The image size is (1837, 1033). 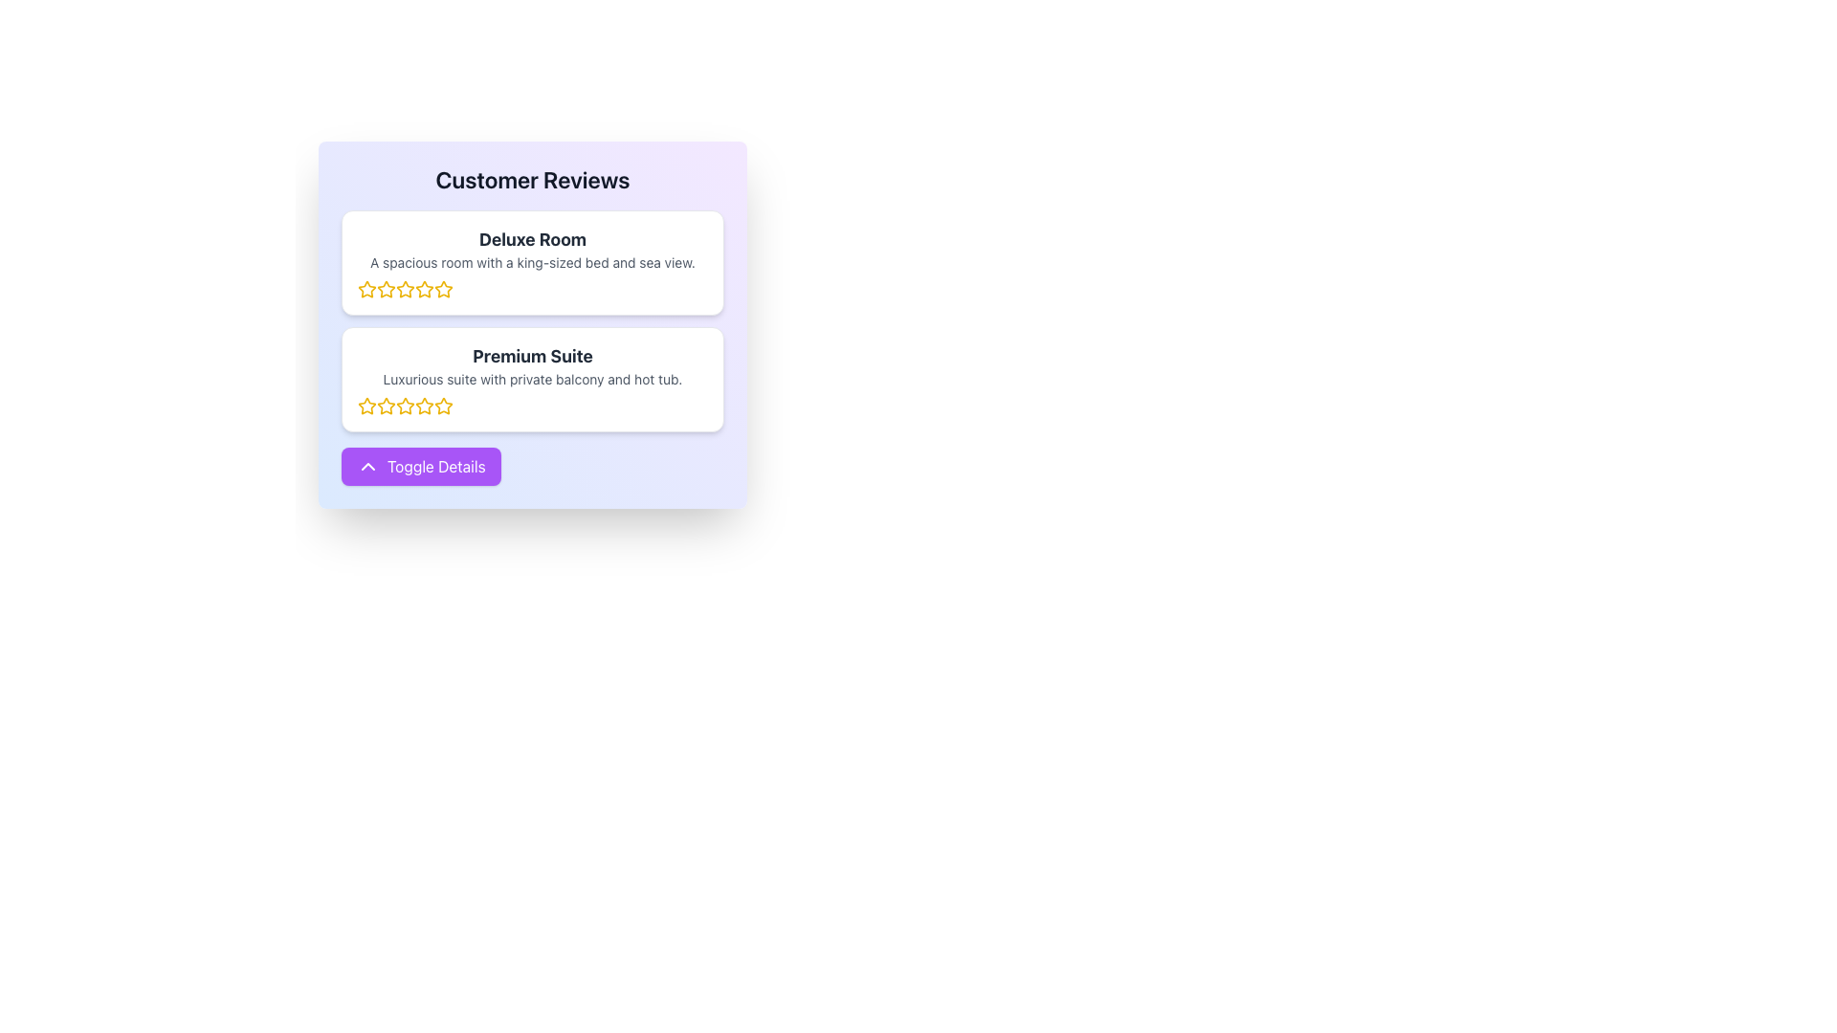 What do you see at coordinates (367, 467) in the screenshot?
I see `the chevron icon within the 'Toggle Details' button located at the bottom-left of the 'Customer Reviews' card` at bounding box center [367, 467].